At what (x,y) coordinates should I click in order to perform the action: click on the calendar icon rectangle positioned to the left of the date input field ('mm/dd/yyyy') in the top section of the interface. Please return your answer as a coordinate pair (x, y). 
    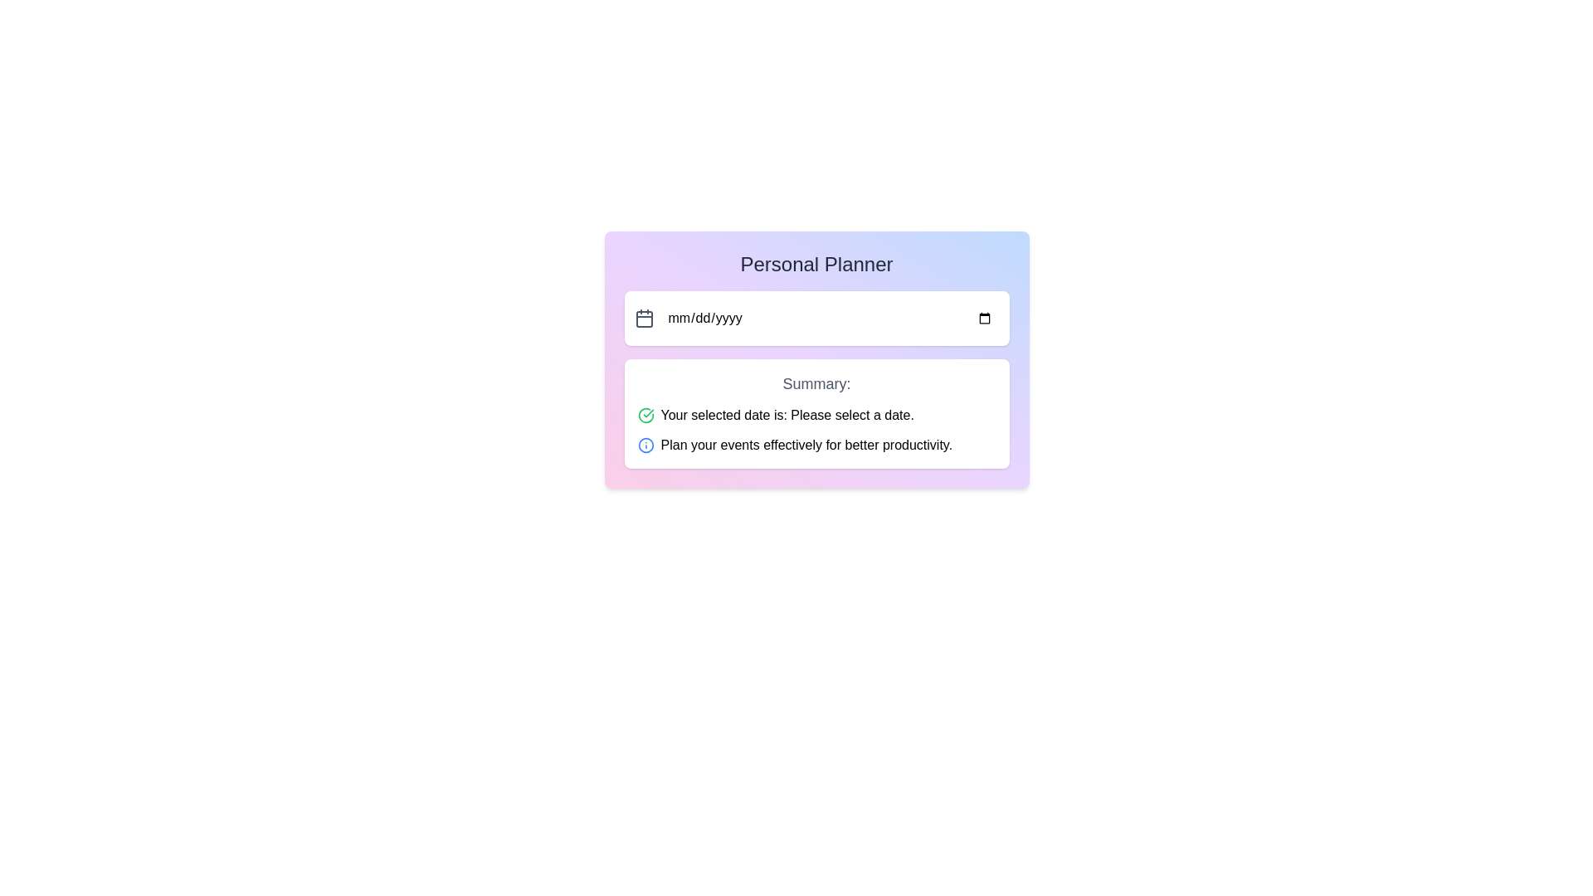
    Looking at the image, I should click on (643, 319).